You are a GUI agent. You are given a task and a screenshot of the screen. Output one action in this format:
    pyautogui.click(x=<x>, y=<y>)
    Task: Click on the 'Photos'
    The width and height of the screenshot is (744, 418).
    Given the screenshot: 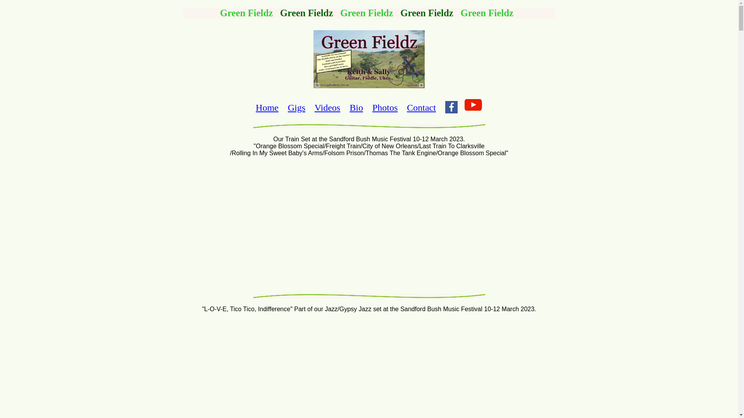 What is the action you would take?
    pyautogui.click(x=385, y=107)
    